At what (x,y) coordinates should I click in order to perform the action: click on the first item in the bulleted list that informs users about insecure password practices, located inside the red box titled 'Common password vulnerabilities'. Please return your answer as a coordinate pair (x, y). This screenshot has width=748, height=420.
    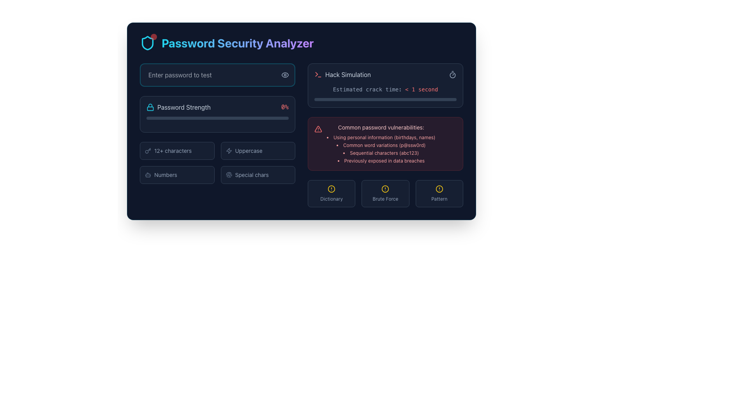
    Looking at the image, I should click on (381, 137).